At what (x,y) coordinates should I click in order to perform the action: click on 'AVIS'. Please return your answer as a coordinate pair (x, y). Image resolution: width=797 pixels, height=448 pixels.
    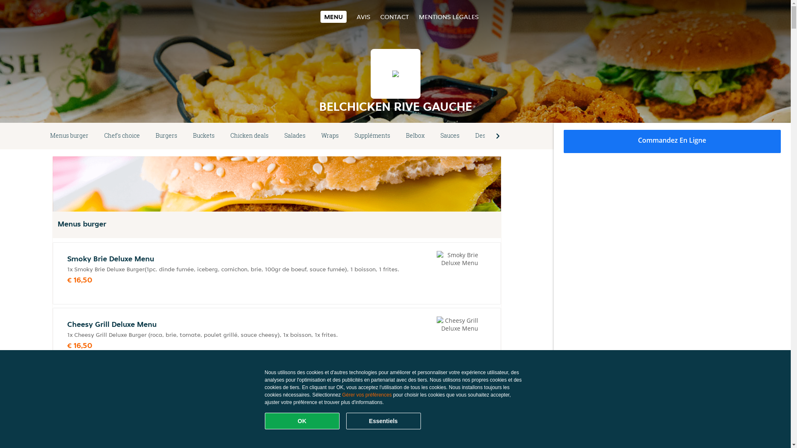
    Looking at the image, I should click on (363, 17).